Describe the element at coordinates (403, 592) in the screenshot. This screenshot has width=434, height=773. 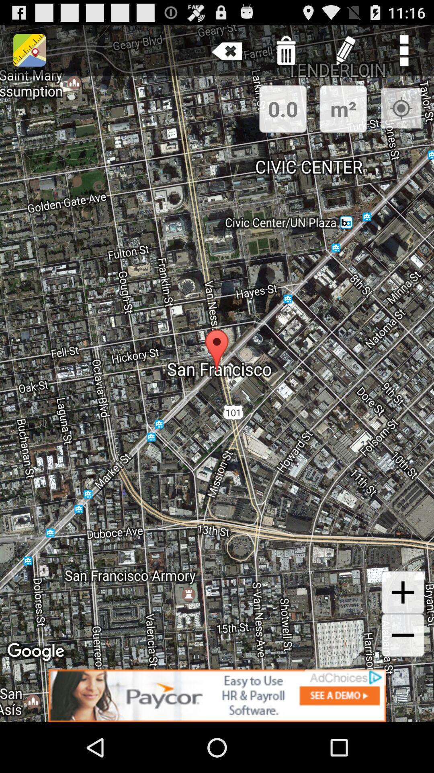
I see `this is the zoom in function to zoom in on the map` at that location.